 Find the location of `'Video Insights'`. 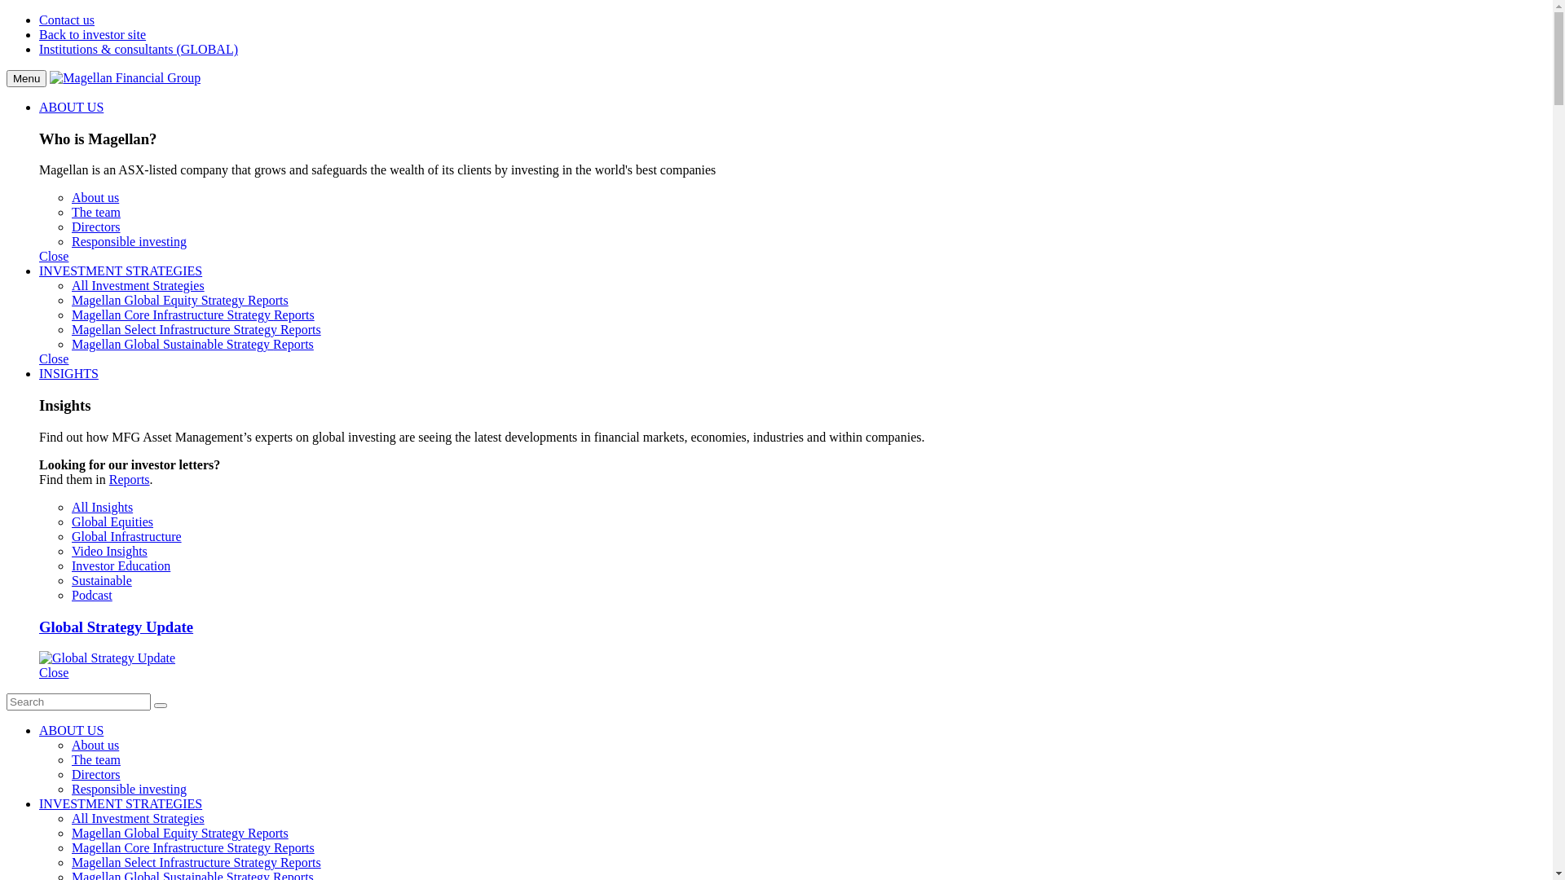

'Video Insights' is located at coordinates (108, 550).